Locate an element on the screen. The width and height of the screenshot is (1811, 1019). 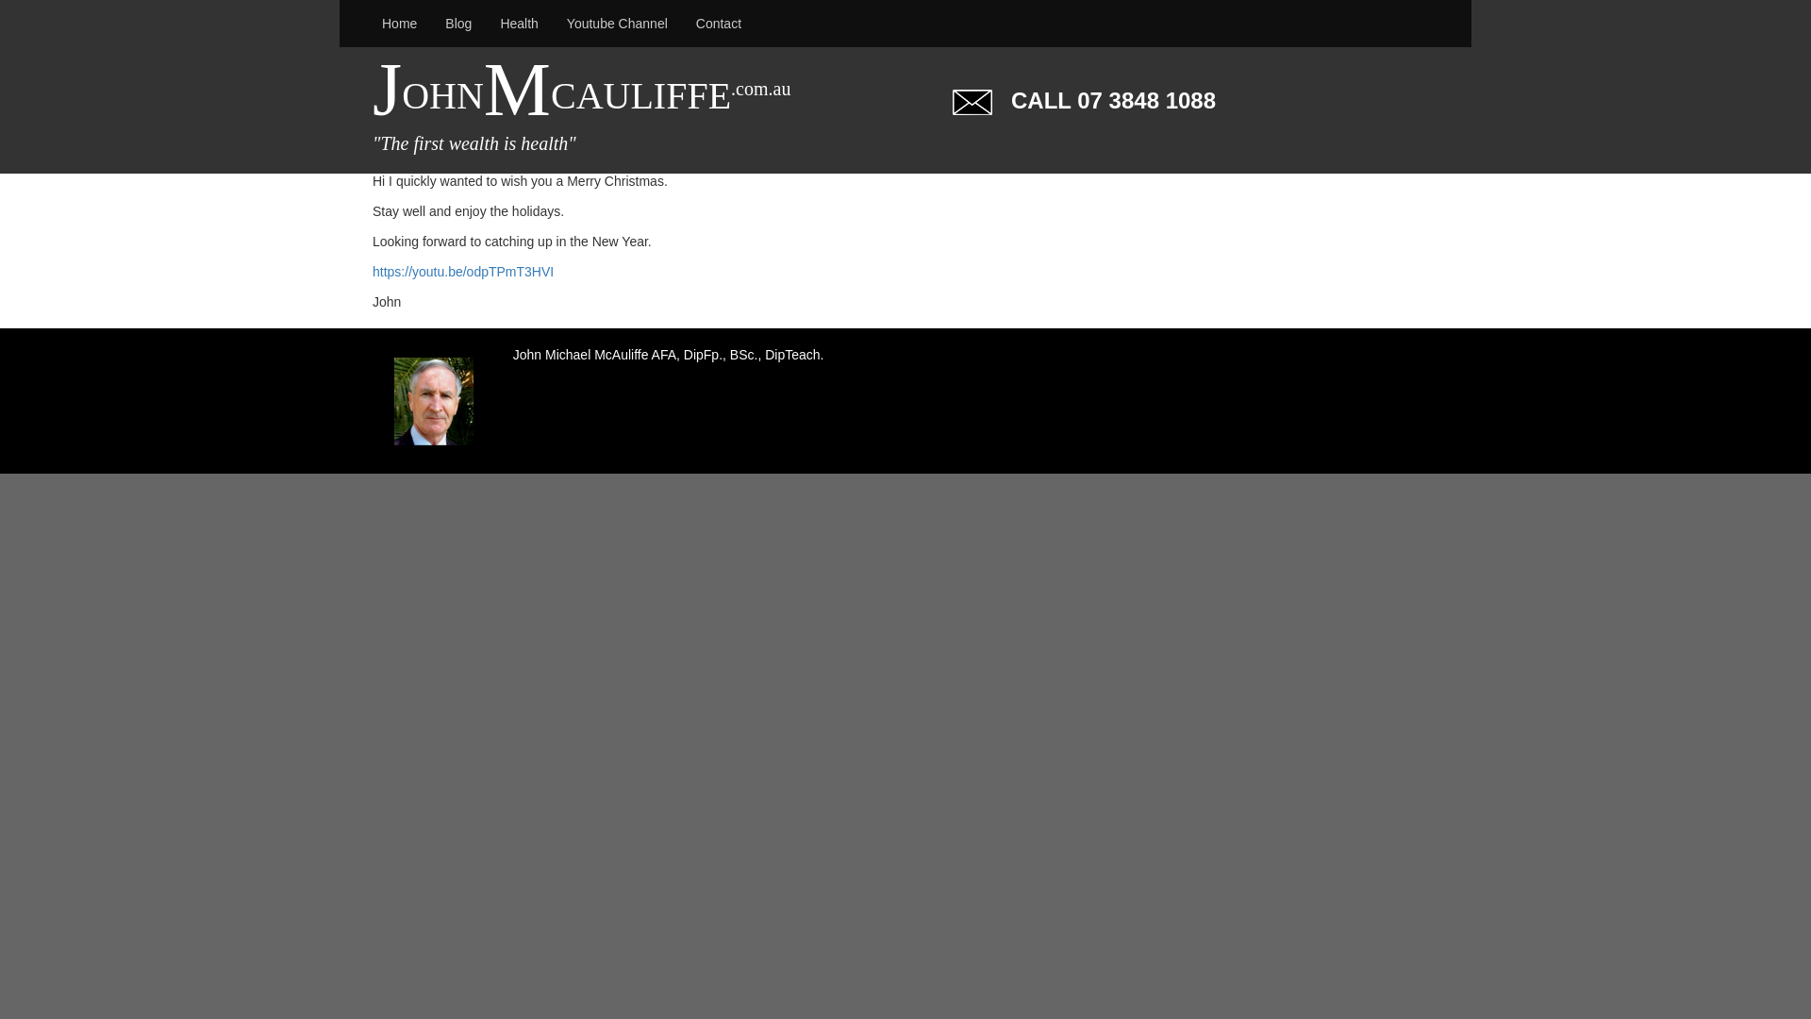
'Health' is located at coordinates (519, 23).